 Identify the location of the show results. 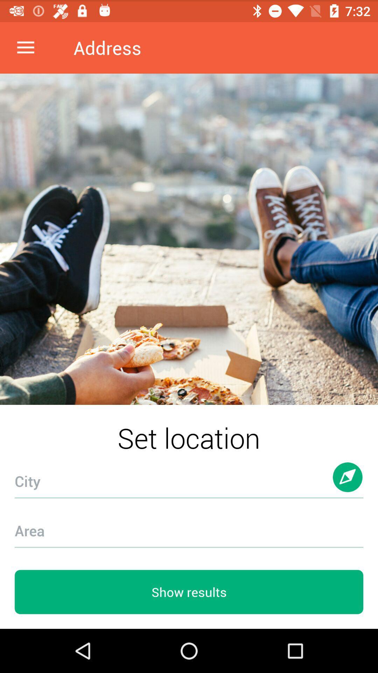
(189, 592).